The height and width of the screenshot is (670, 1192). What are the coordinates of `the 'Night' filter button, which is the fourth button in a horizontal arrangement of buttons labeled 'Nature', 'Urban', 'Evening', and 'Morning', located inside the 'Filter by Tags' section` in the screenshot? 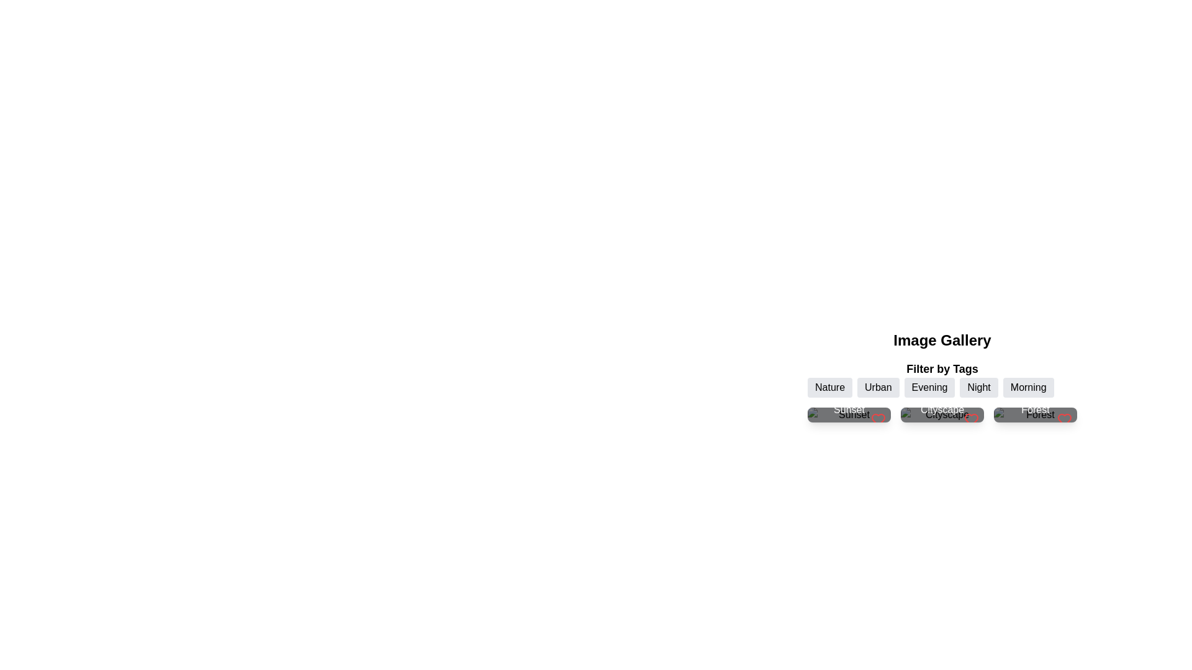 It's located at (978, 386).